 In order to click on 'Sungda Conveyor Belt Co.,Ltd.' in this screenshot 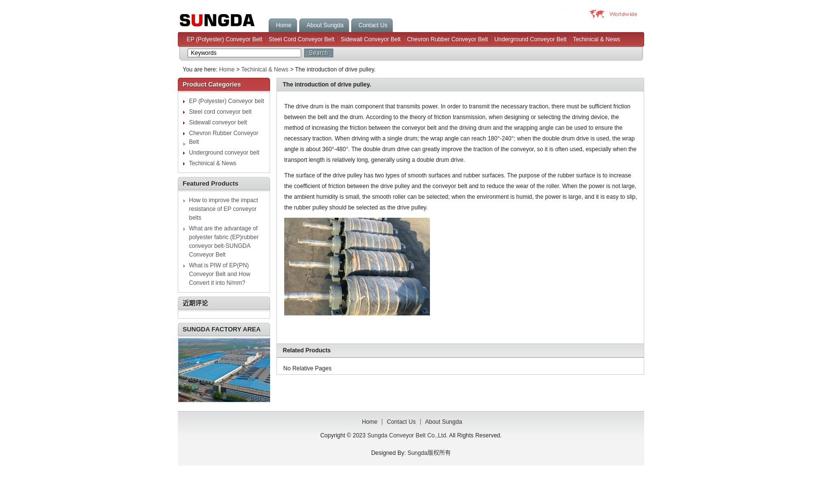, I will do `click(407, 435)`.